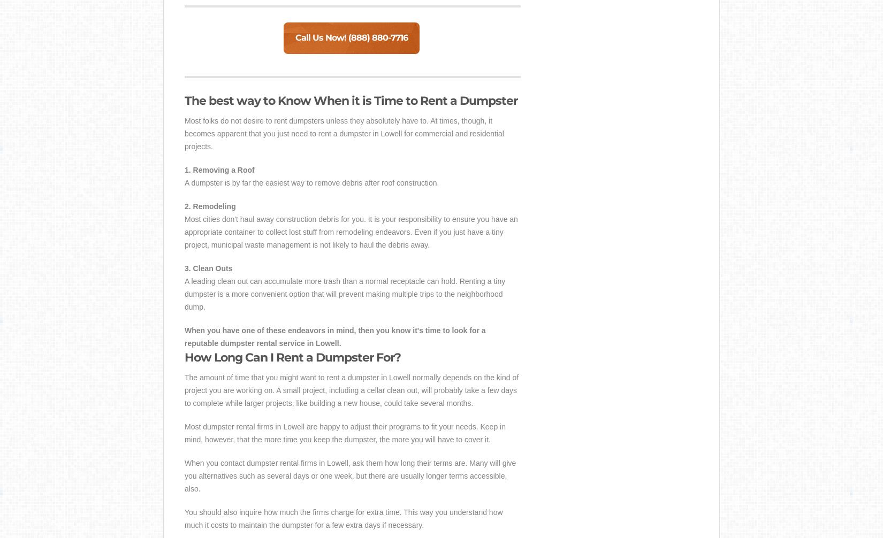 This screenshot has width=883, height=538. What do you see at coordinates (210, 206) in the screenshot?
I see `'2. Remodeling'` at bounding box center [210, 206].